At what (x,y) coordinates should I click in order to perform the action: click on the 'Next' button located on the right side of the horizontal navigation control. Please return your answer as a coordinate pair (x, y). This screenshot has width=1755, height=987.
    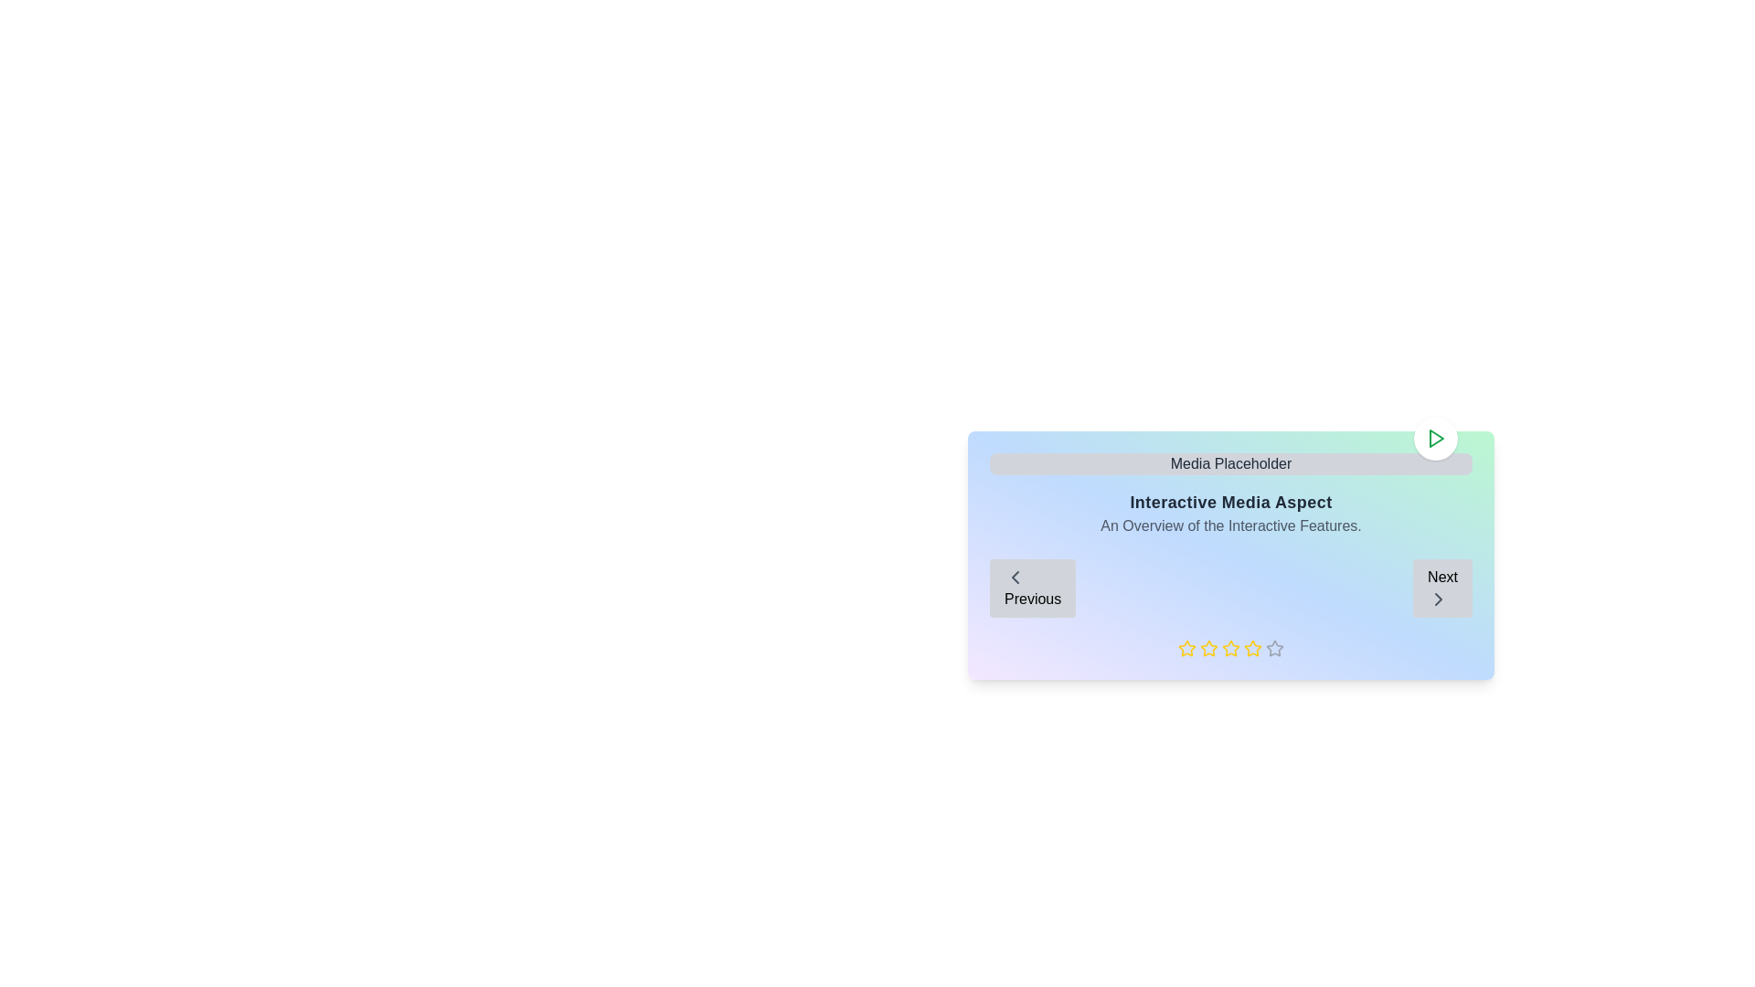
    Looking at the image, I should click on (1441, 589).